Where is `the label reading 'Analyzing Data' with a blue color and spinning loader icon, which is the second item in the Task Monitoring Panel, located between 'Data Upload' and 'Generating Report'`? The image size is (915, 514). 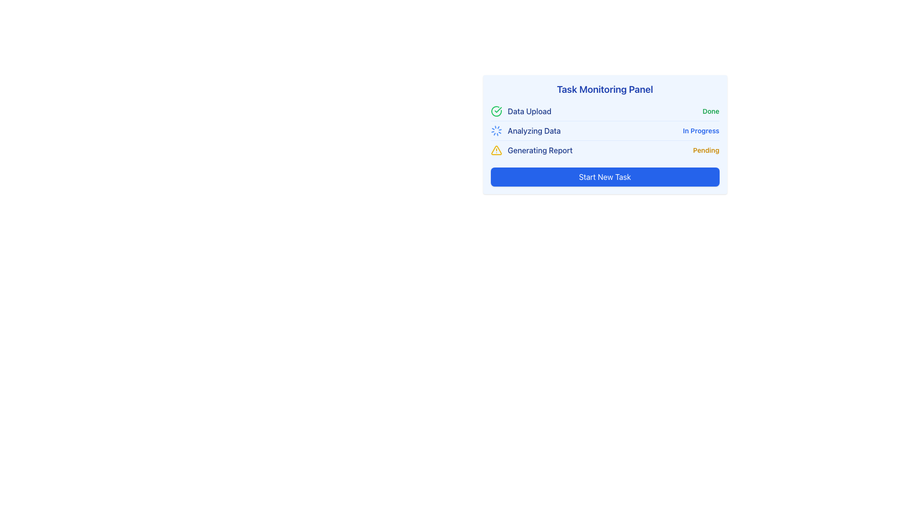 the label reading 'Analyzing Data' with a blue color and spinning loader icon, which is the second item in the Task Monitoring Panel, located between 'Data Upload' and 'Generating Report' is located at coordinates (525, 130).